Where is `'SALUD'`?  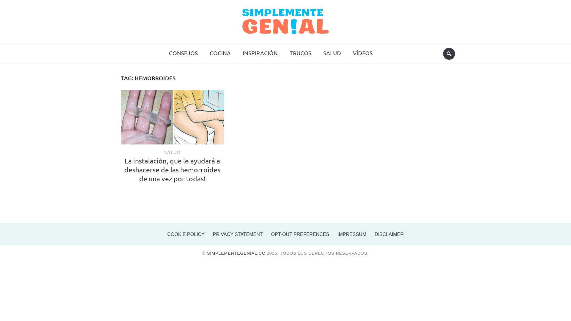
'SALUD' is located at coordinates (172, 151).